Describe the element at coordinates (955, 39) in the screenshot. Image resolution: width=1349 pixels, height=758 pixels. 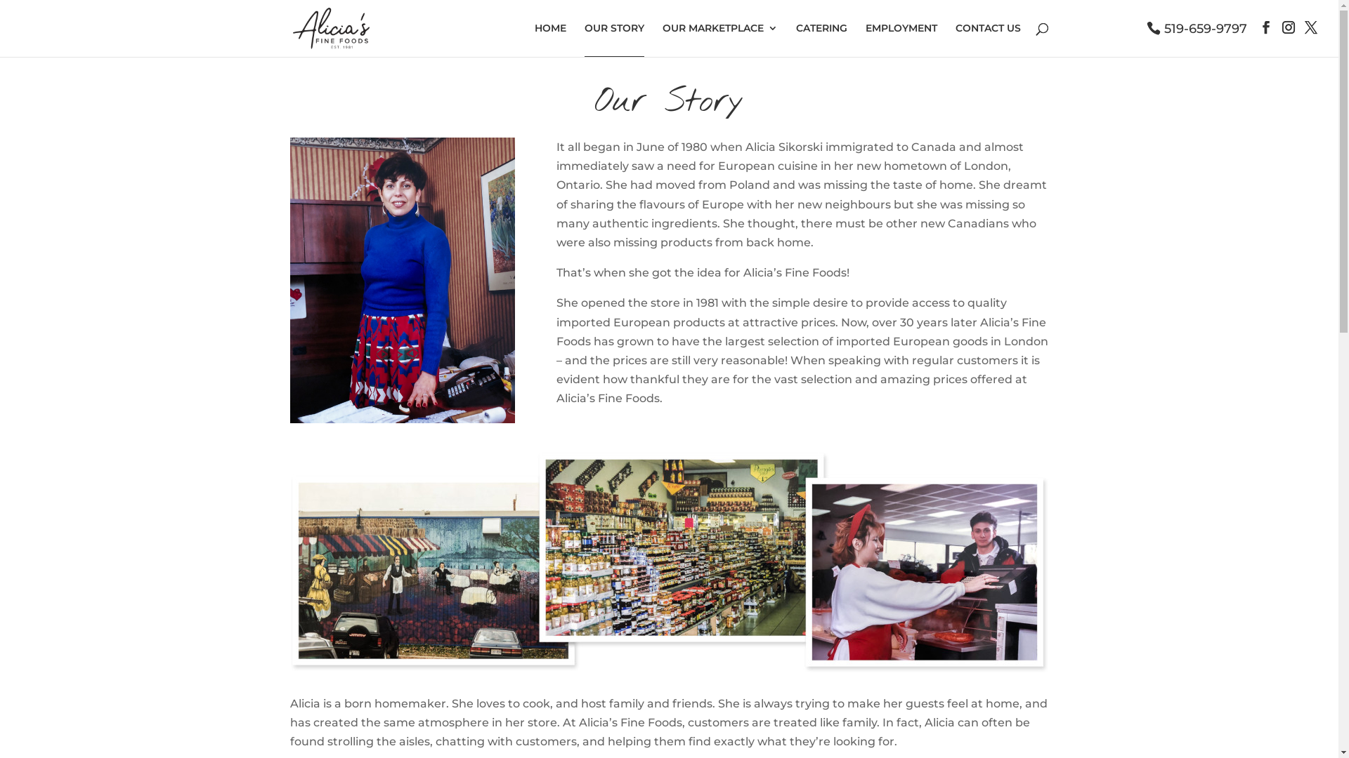
I see `'CONTACT US'` at that location.